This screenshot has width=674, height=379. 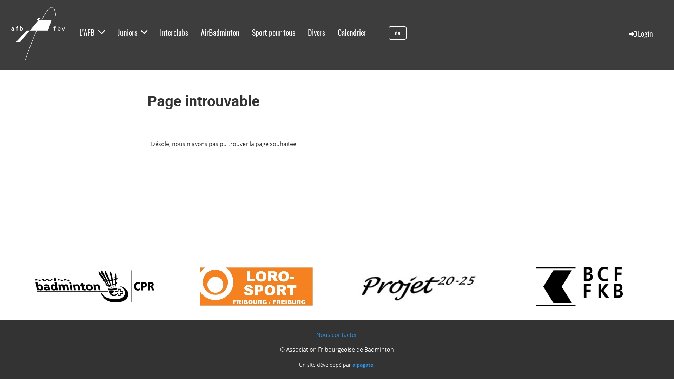 I want to click on 'alpagate', so click(x=363, y=364).